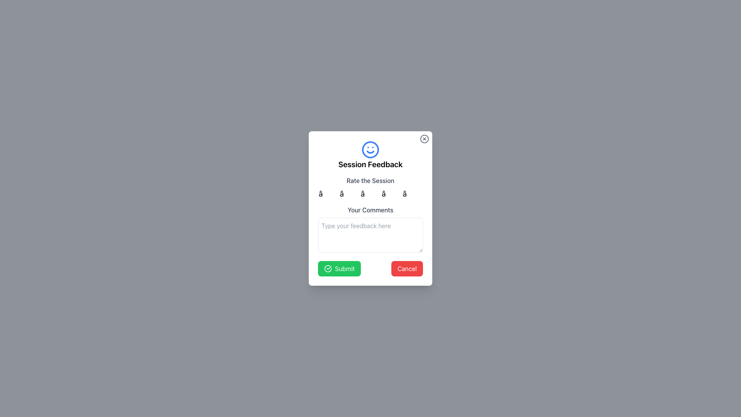  I want to click on the first Rating Star Icon for keyboard input, so click(328, 193).